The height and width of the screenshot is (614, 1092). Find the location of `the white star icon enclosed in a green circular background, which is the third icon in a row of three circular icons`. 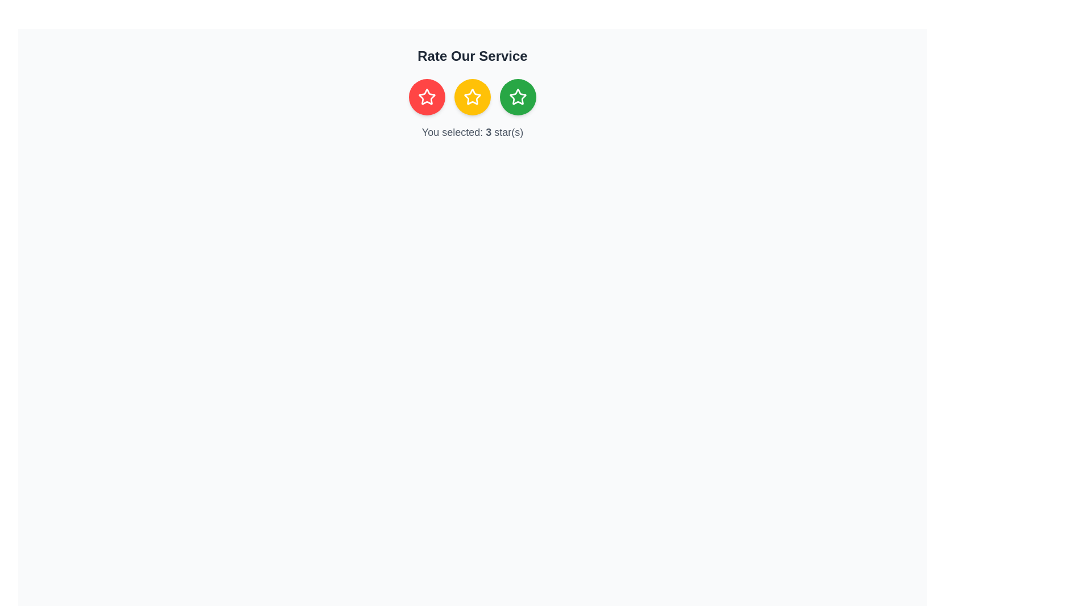

the white star icon enclosed in a green circular background, which is the third icon in a row of three circular icons is located at coordinates (518, 96).